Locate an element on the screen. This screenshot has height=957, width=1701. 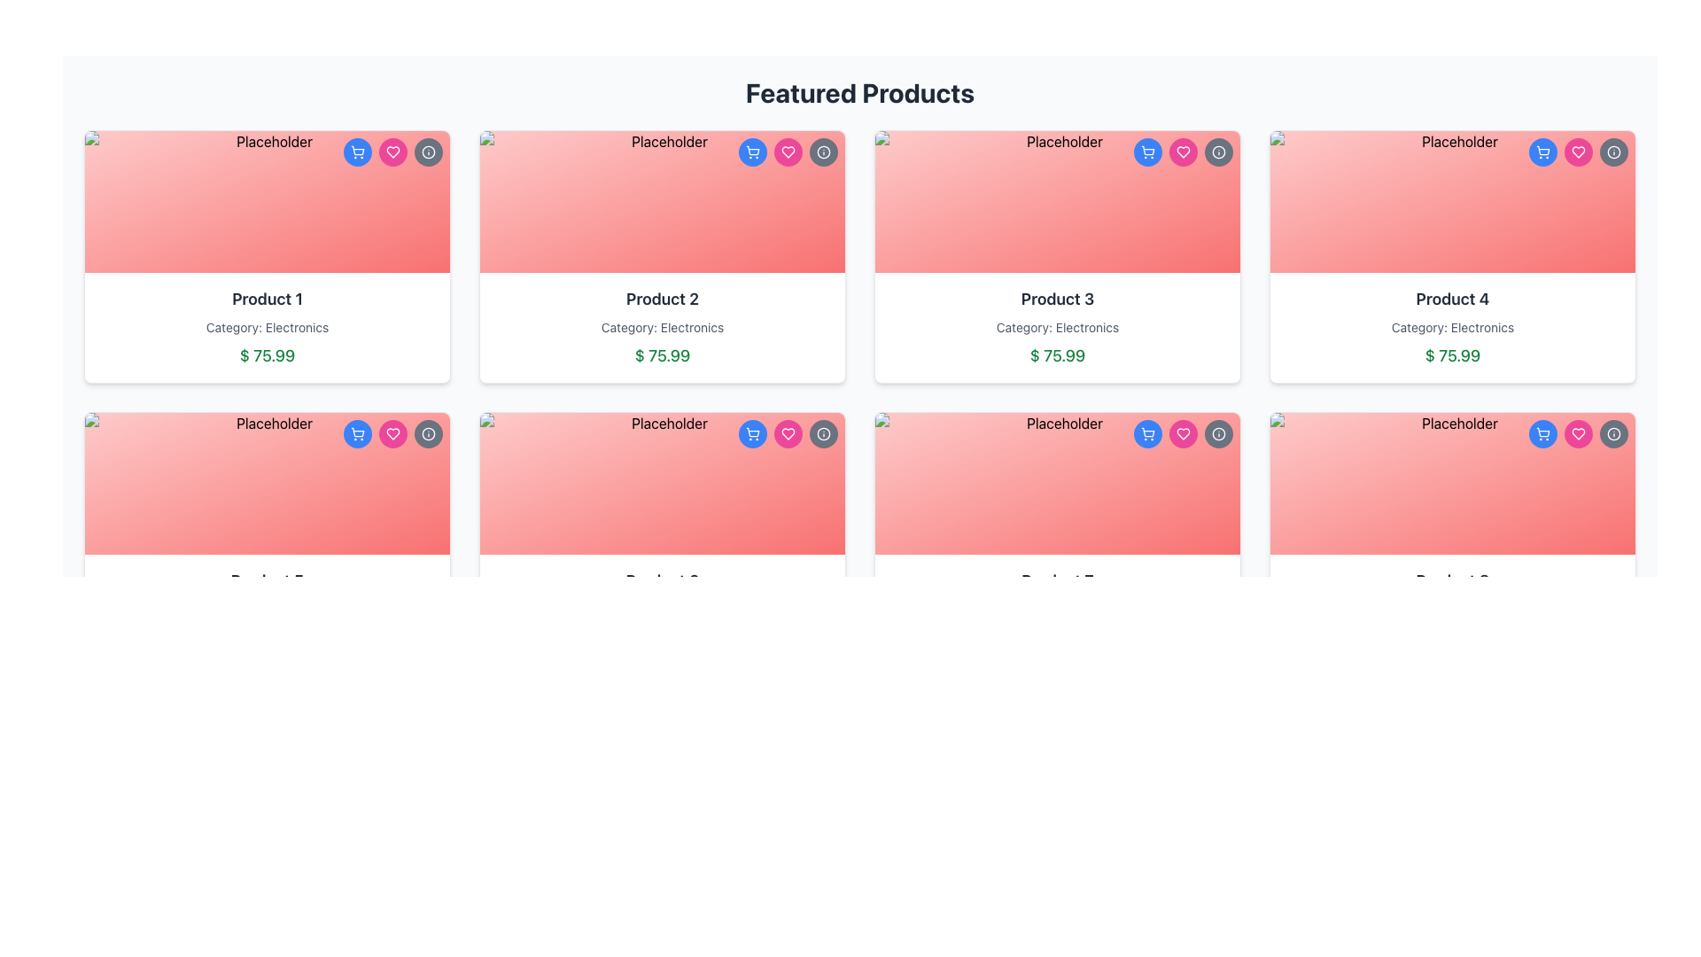
the 'like' or 'favorite' icon located in the fourth product card in the top row is located at coordinates (1578, 433).